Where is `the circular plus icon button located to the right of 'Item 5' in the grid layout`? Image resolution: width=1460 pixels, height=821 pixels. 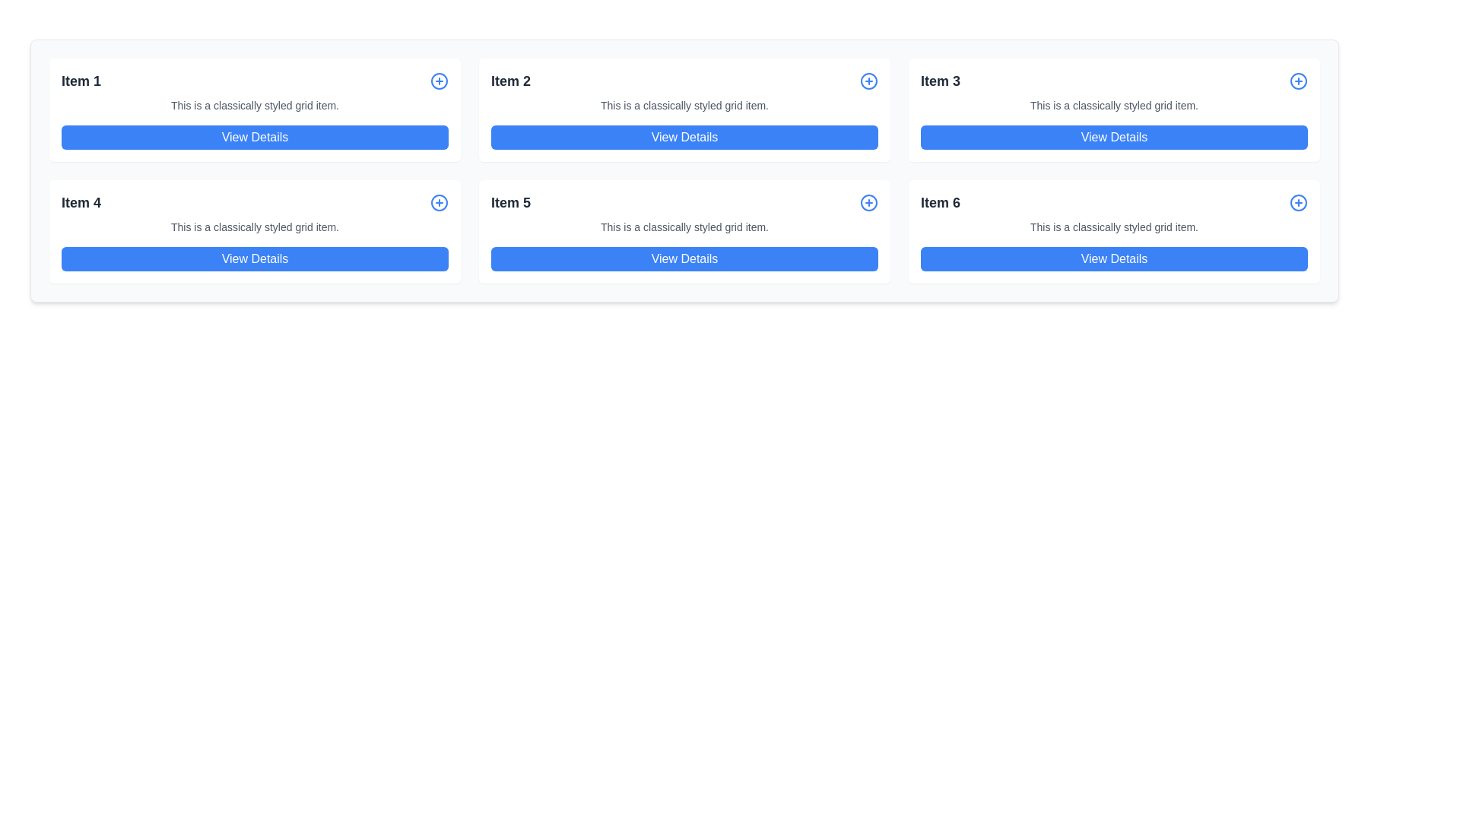
the circular plus icon button located to the right of 'Item 5' in the grid layout is located at coordinates (868, 201).